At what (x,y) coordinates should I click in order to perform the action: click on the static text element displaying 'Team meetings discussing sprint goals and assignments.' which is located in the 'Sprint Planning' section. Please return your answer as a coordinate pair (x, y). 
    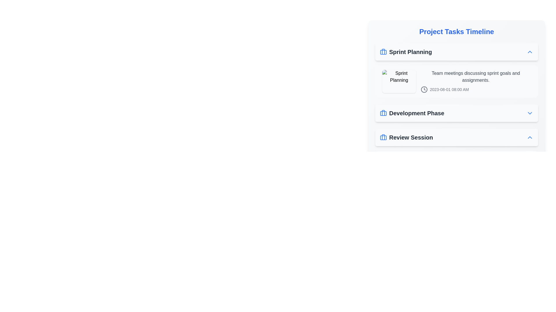
    Looking at the image, I should click on (476, 77).